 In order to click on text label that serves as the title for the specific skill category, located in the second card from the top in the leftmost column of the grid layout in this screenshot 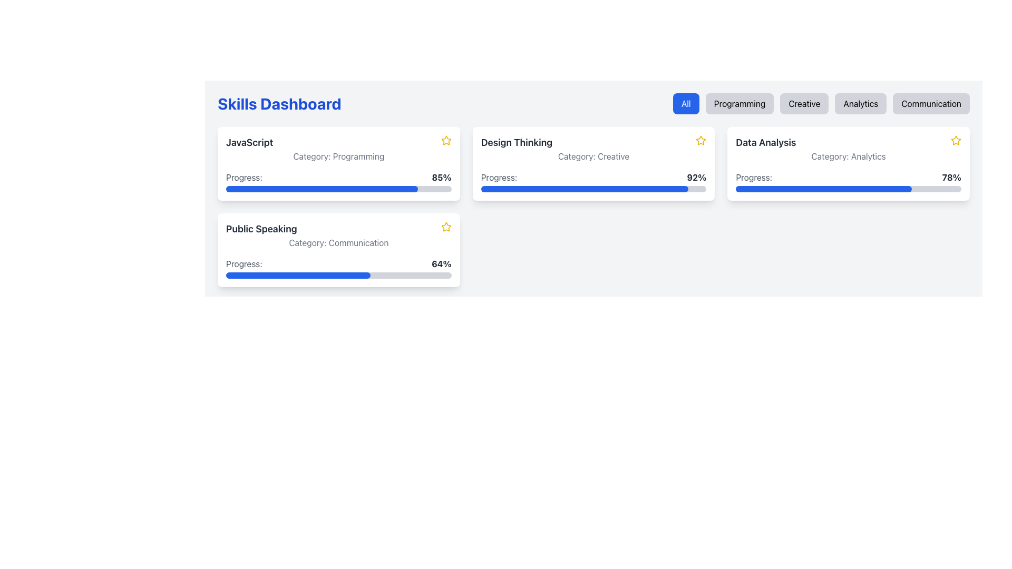, I will do `click(261, 229)`.